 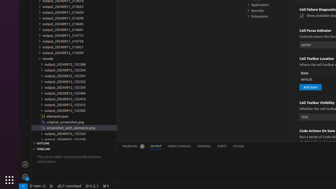 I want to click on 'output_20240911_214734', so click(x=74, y=41).